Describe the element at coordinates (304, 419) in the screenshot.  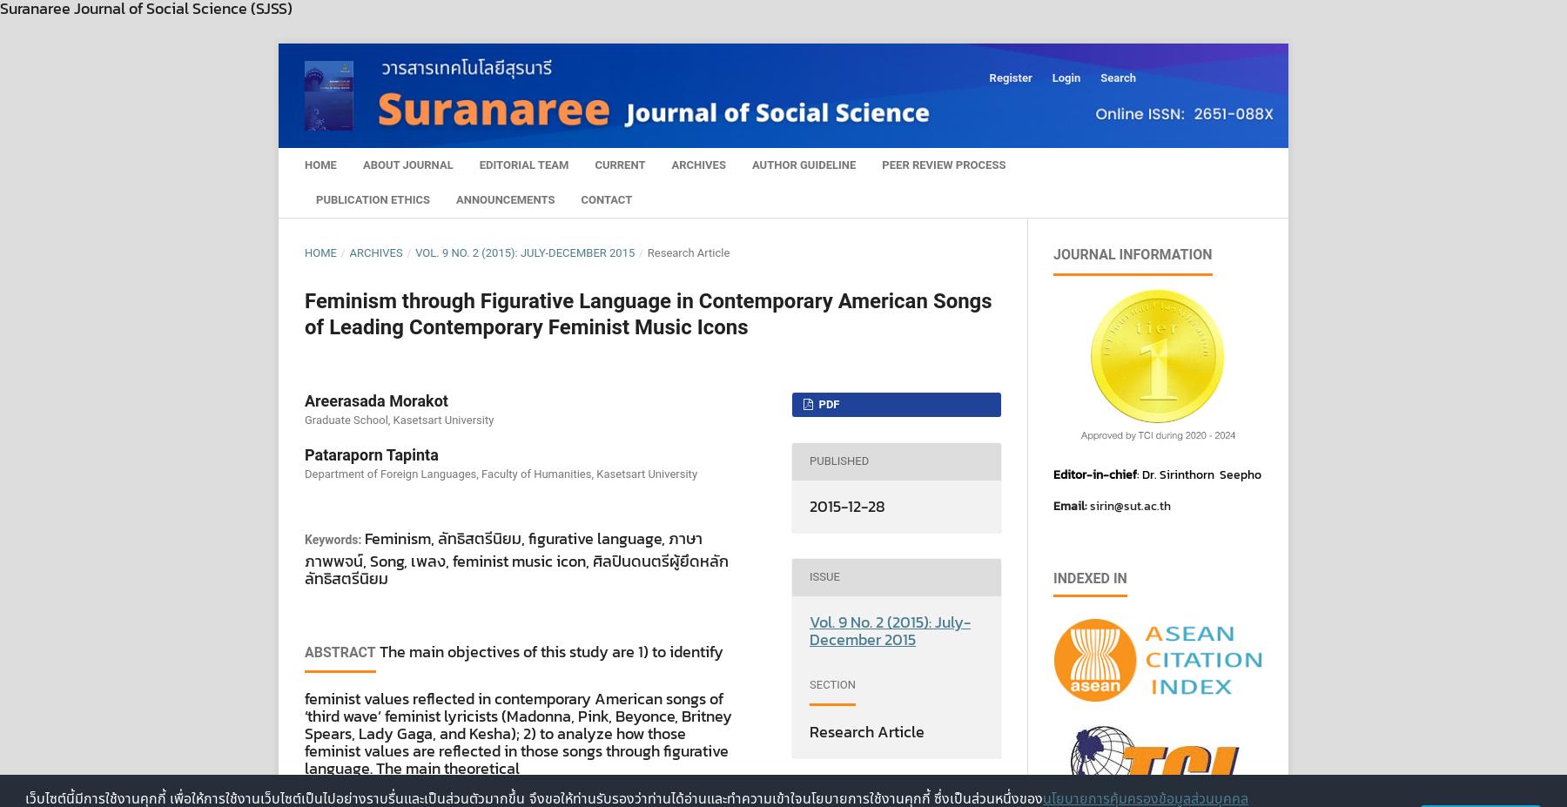
I see `'Graduate School, Kasetsart University'` at that location.